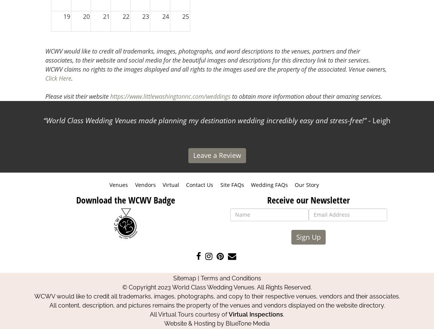 The image size is (434, 329). I want to click on '9', so click(187, 64).